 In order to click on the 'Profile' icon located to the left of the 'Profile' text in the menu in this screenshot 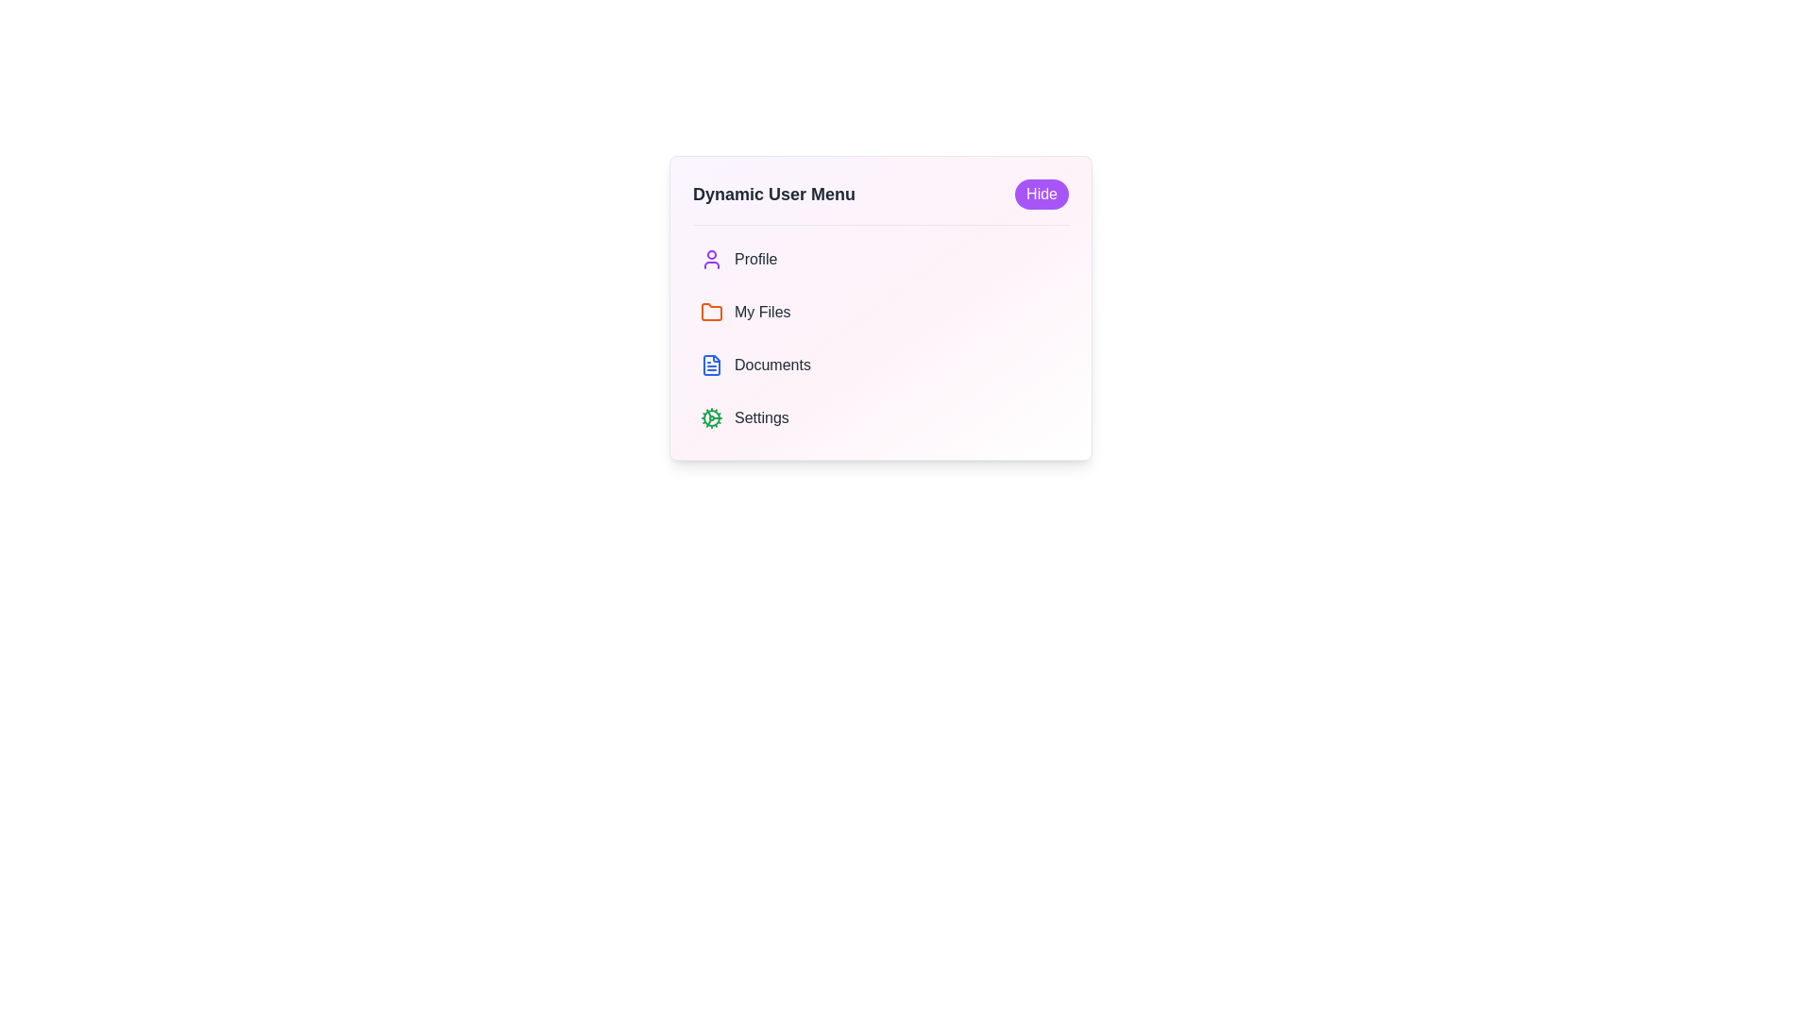, I will do `click(710, 259)`.